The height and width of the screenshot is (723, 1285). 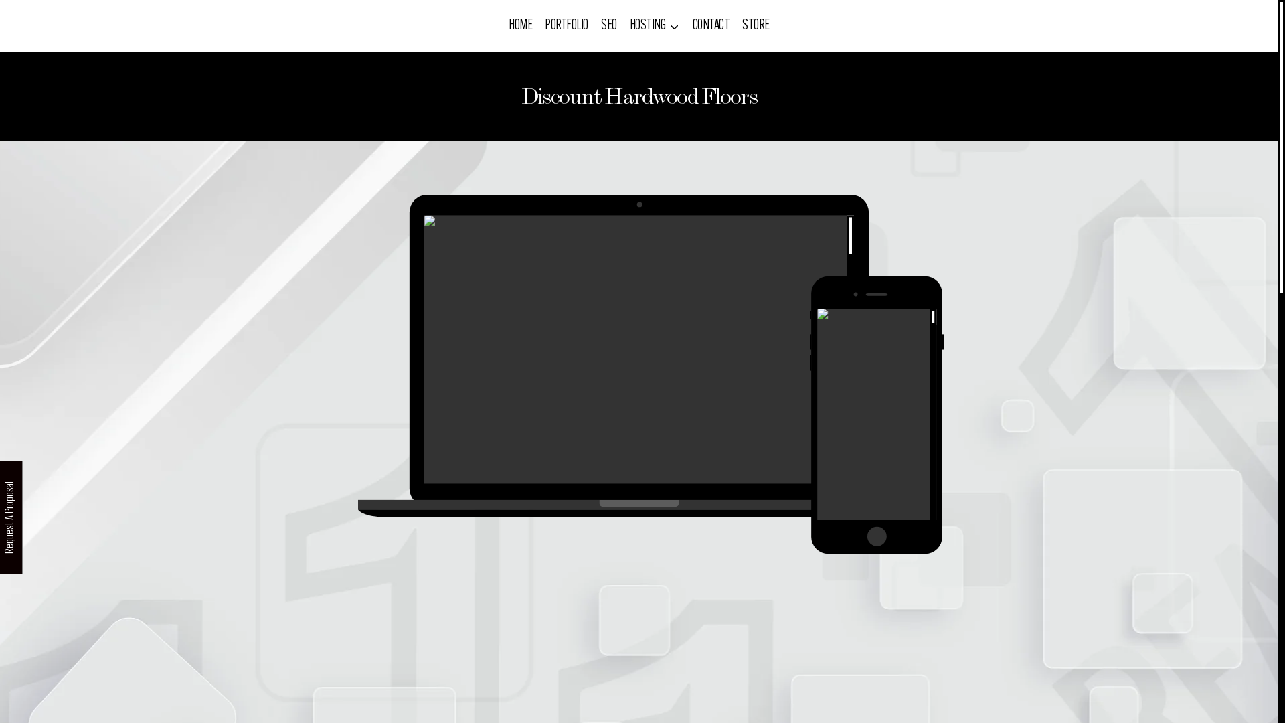 What do you see at coordinates (756, 25) in the screenshot?
I see `'STORE'` at bounding box center [756, 25].